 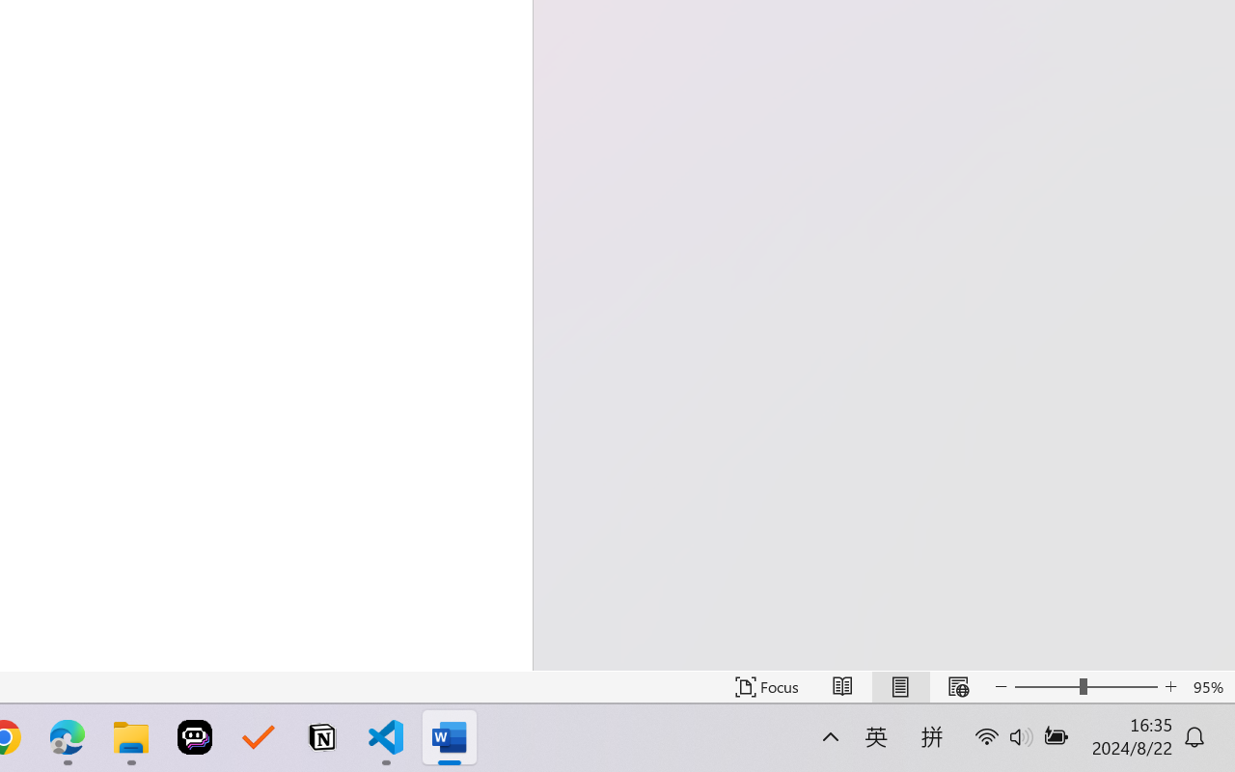 What do you see at coordinates (322, 737) in the screenshot?
I see `'Notion'` at bounding box center [322, 737].